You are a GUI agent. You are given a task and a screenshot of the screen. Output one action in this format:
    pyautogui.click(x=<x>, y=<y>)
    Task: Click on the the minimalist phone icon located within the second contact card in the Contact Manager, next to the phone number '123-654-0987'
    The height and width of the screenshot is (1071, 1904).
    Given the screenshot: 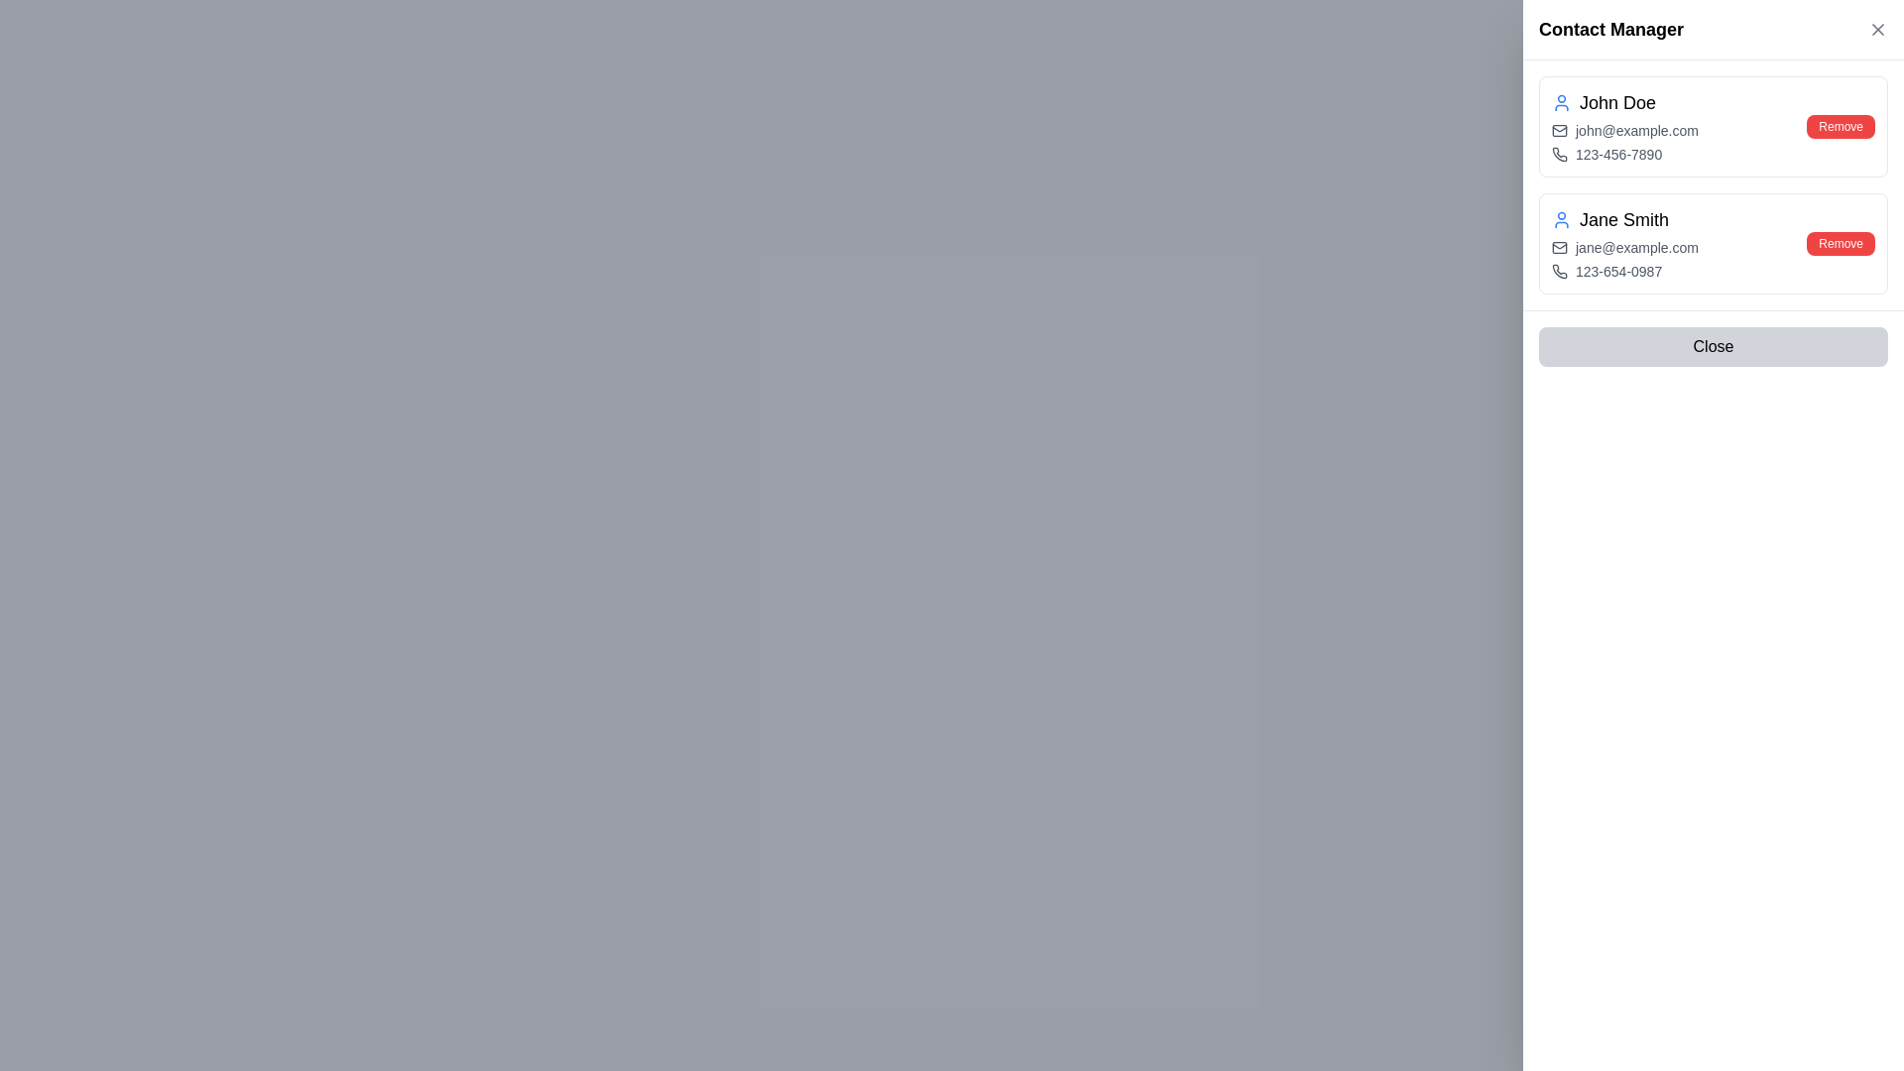 What is the action you would take?
    pyautogui.click(x=1559, y=271)
    